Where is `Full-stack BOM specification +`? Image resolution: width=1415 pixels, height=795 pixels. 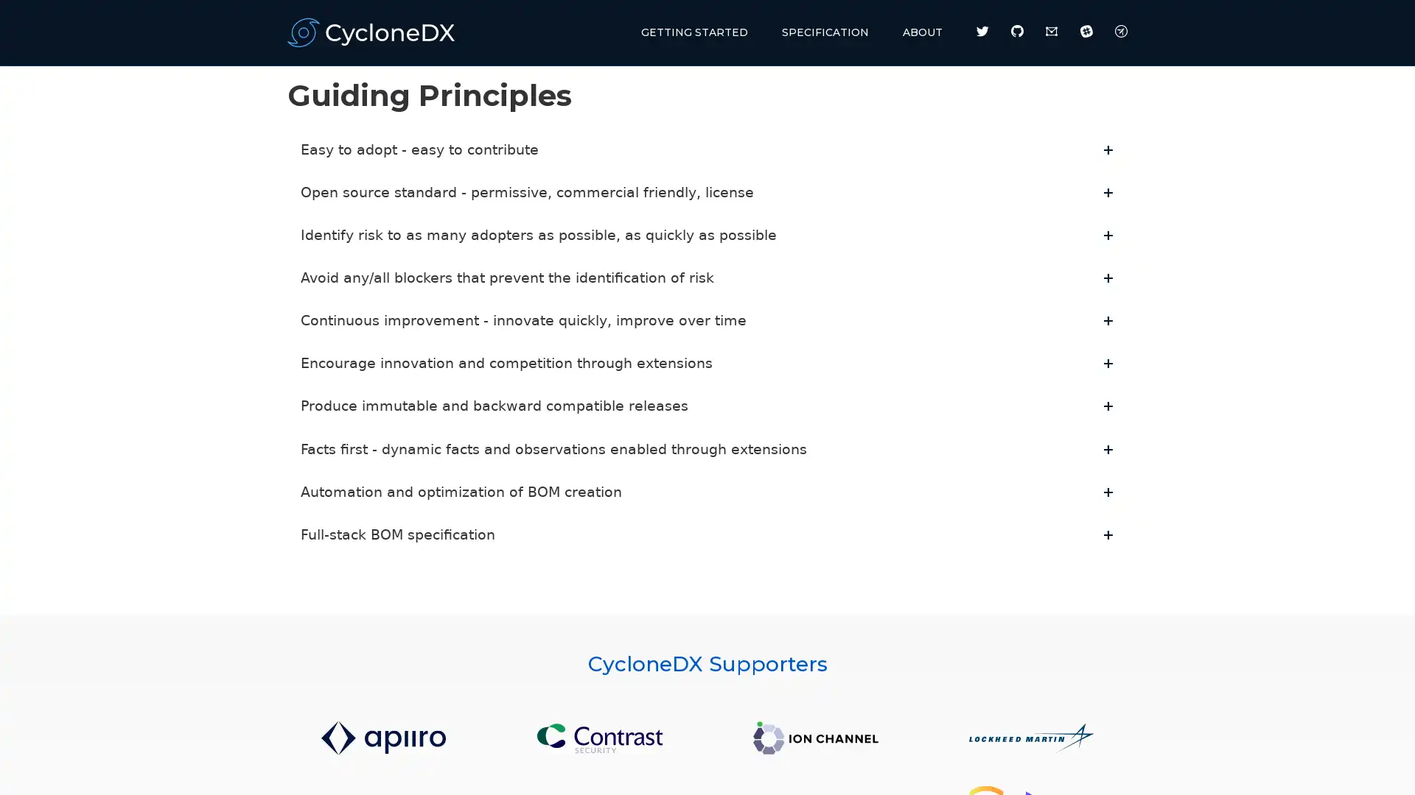 Full-stack BOM specification + is located at coordinates (707, 534).